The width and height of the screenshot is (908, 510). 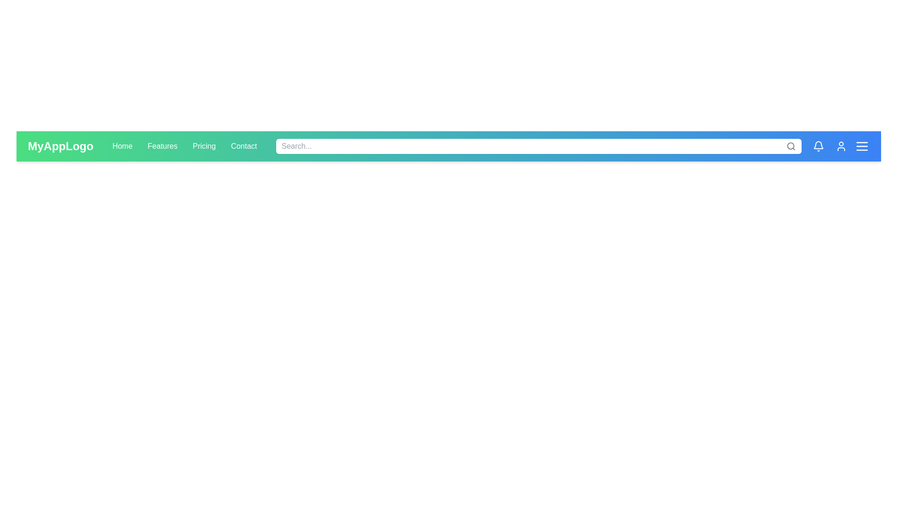 I want to click on the user profile icon, which is a circular outline head and shoulders illustration, located on the far right of the horizontal navigation bar, so click(x=841, y=146).